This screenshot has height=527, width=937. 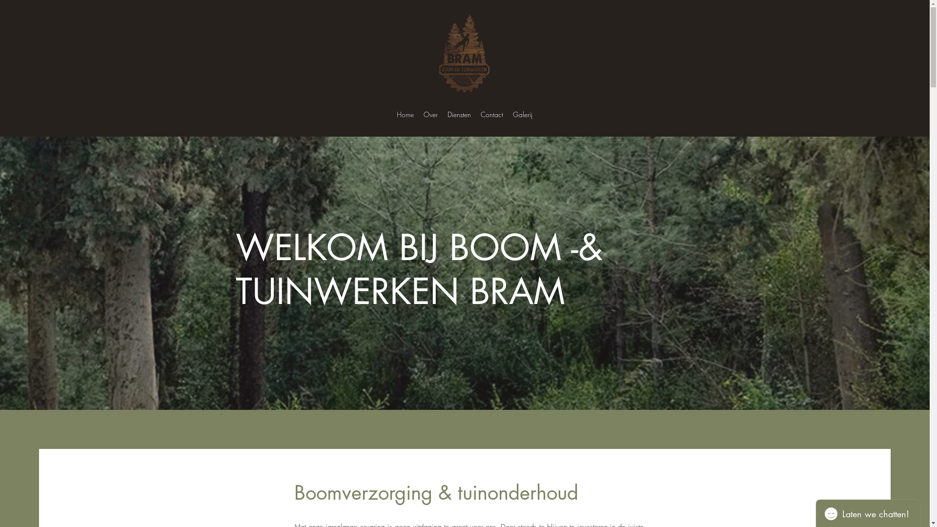 What do you see at coordinates (405, 114) in the screenshot?
I see `'Home'` at bounding box center [405, 114].